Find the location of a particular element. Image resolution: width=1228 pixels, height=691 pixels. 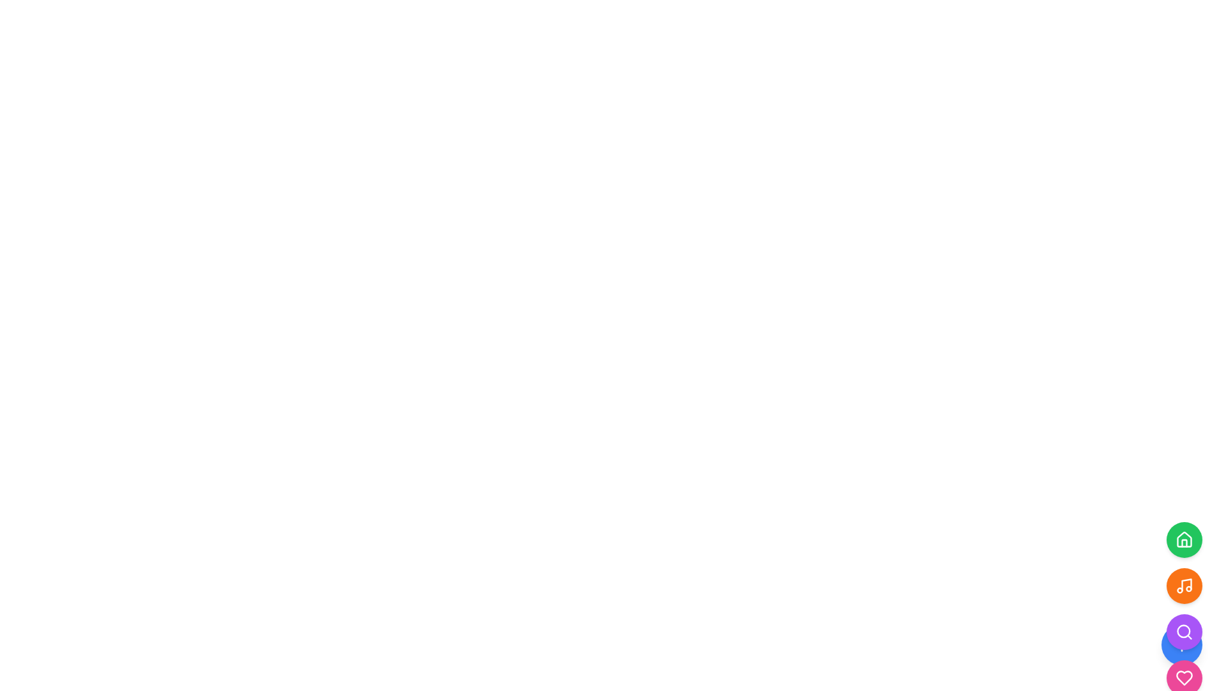

the '+' icon embedded in the action button located at the bottom-right side of the interface is located at coordinates (1181, 644).